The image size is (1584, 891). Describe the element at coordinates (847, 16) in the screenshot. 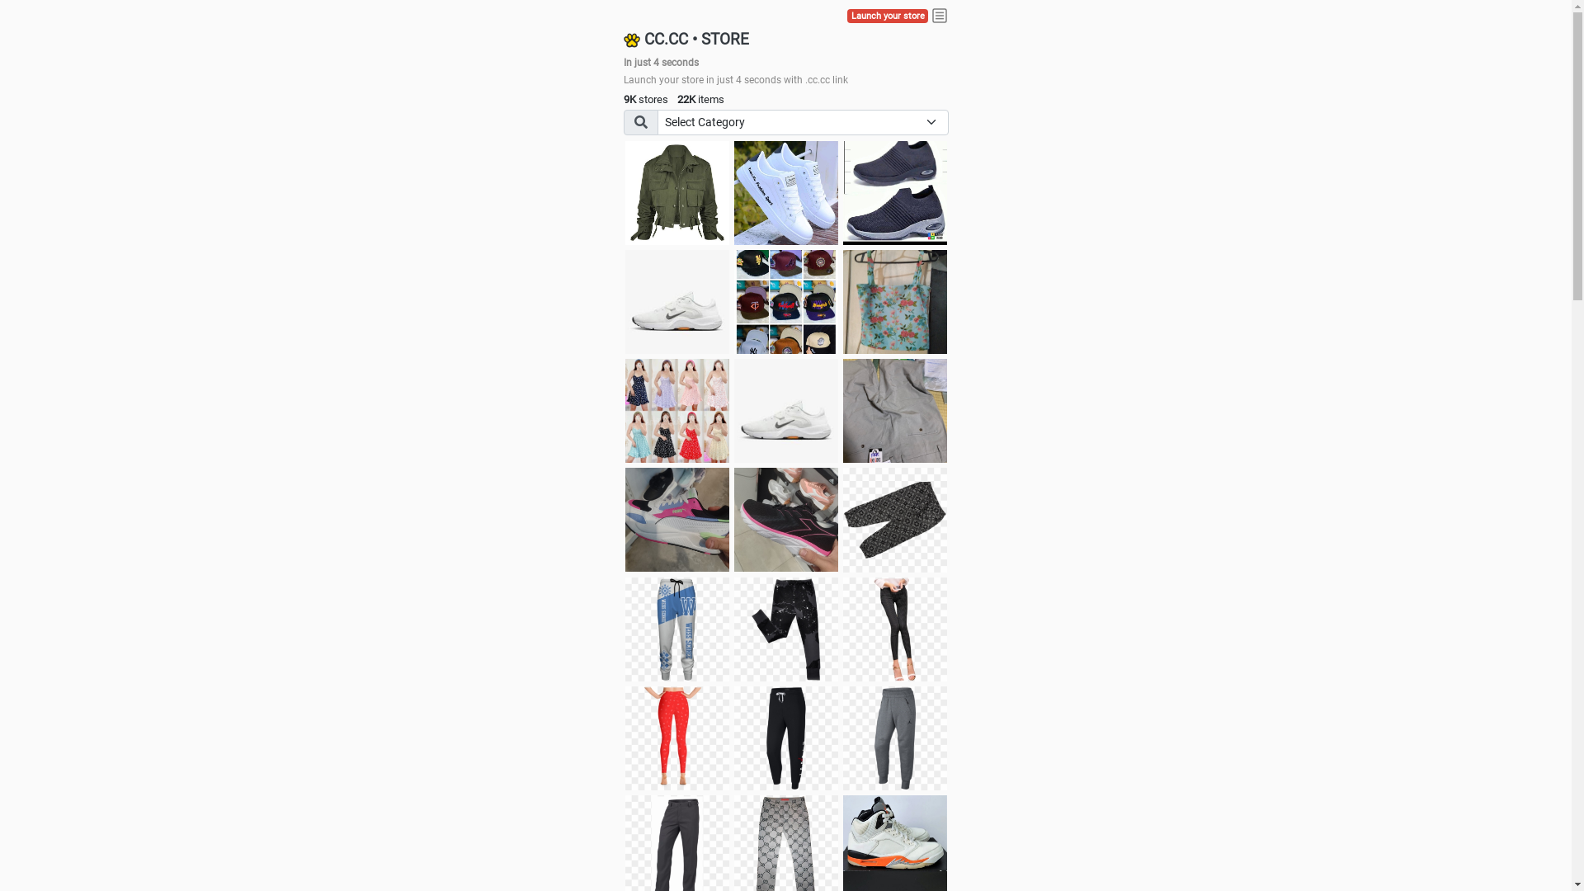

I see `'Launch your store'` at that location.